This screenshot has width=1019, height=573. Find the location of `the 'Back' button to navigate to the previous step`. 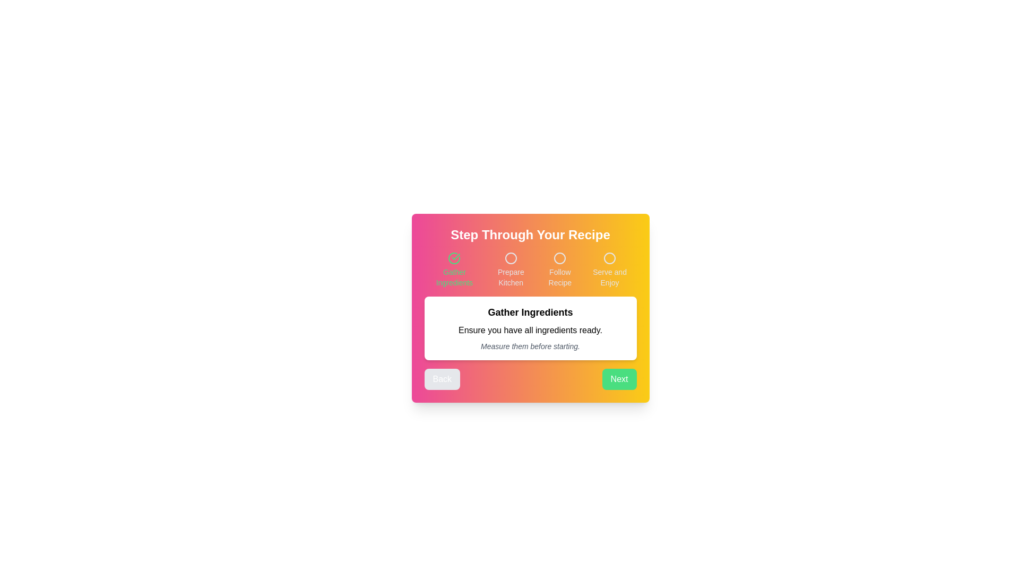

the 'Back' button to navigate to the previous step is located at coordinates (442, 378).